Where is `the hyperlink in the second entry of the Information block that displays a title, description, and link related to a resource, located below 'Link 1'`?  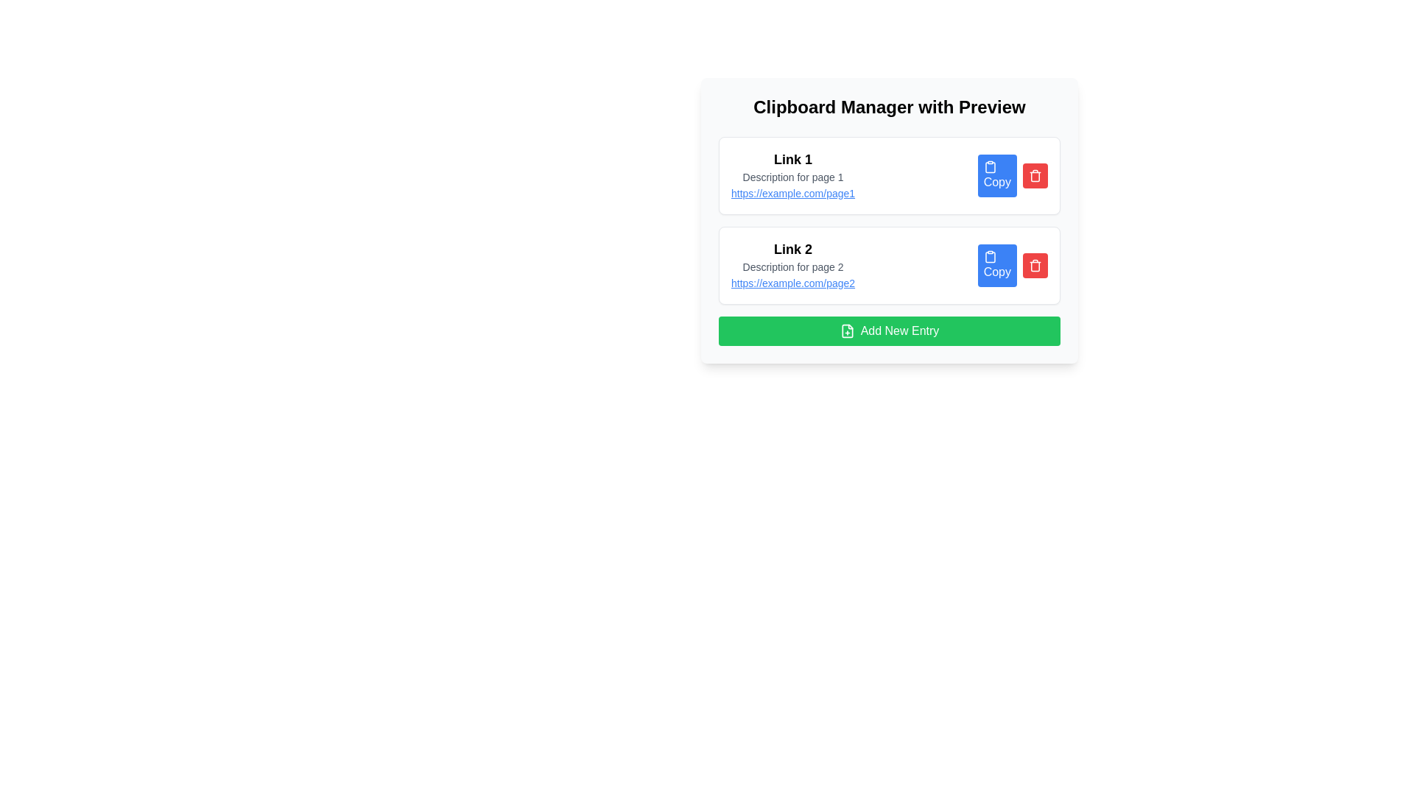 the hyperlink in the second entry of the Information block that displays a title, description, and link related to a resource, located below 'Link 1' is located at coordinates (792, 266).